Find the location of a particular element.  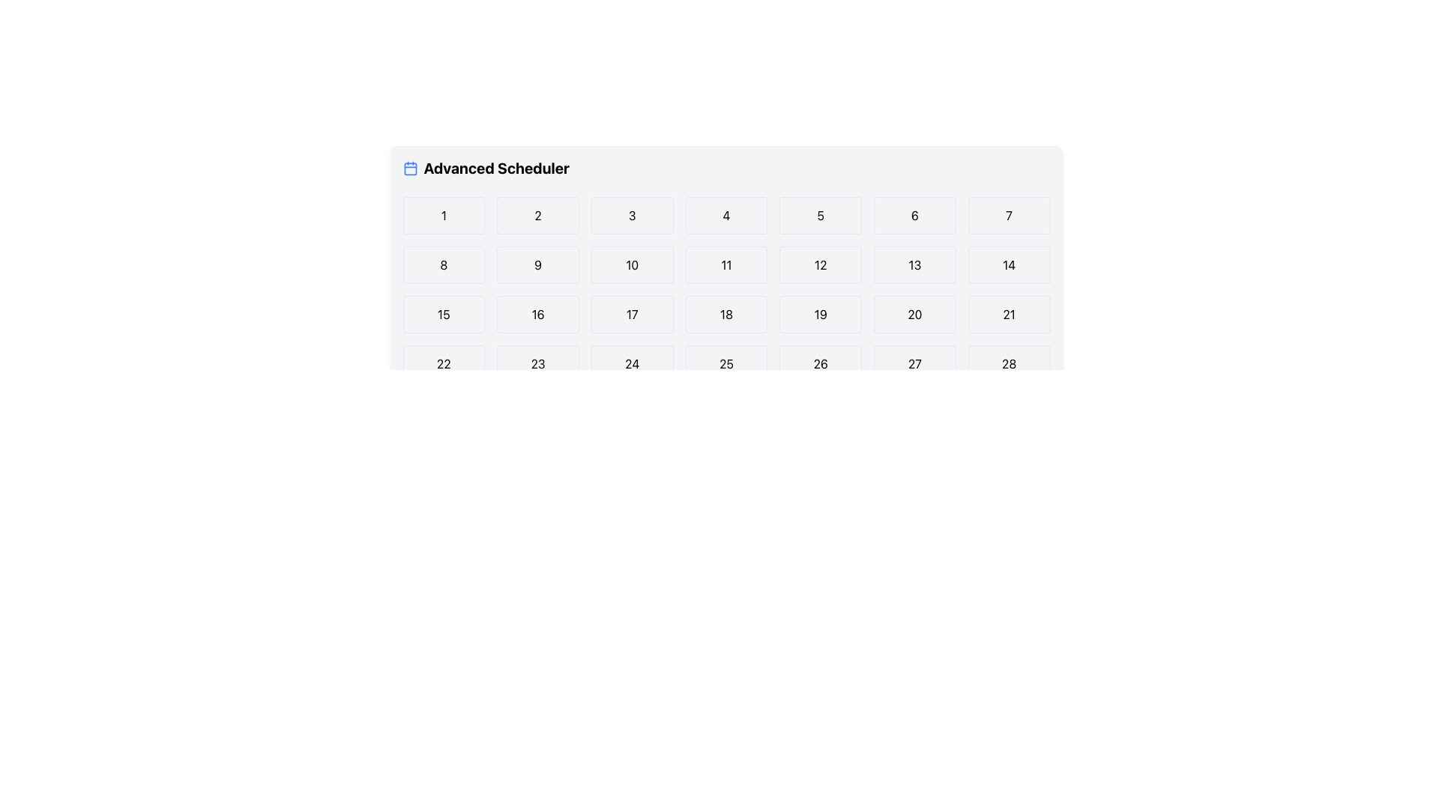

the date '22' button-like grid item in the Advanced Scheduler interface is located at coordinates (442, 364).